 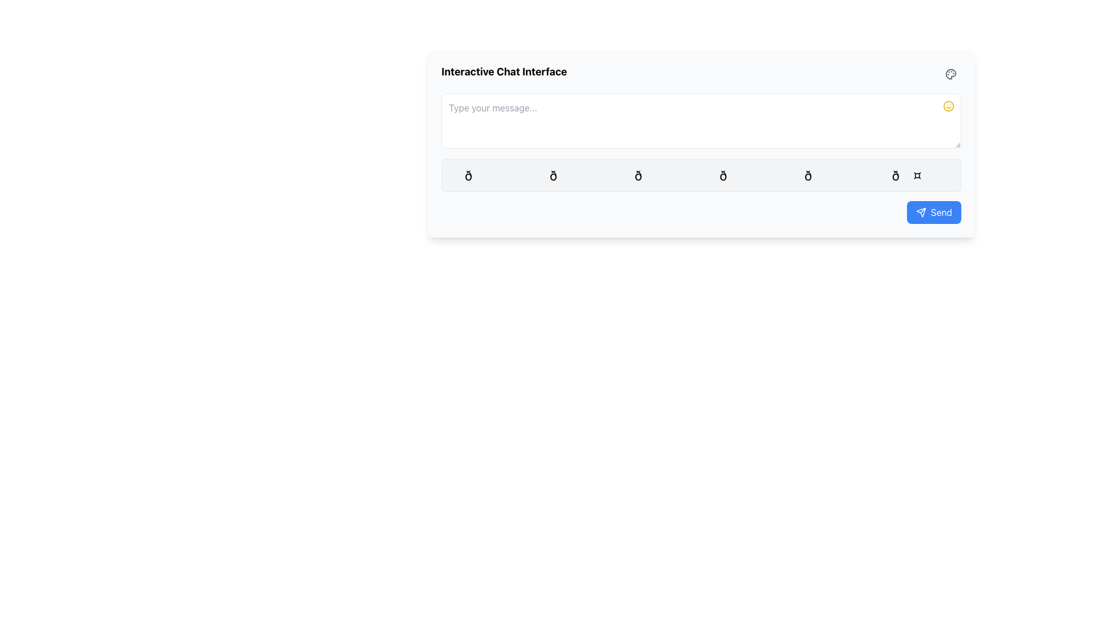 What do you see at coordinates (921, 212) in the screenshot?
I see `the 'Send' button which contains a paper plane icon, located at the bottom-right corner of the interface` at bounding box center [921, 212].